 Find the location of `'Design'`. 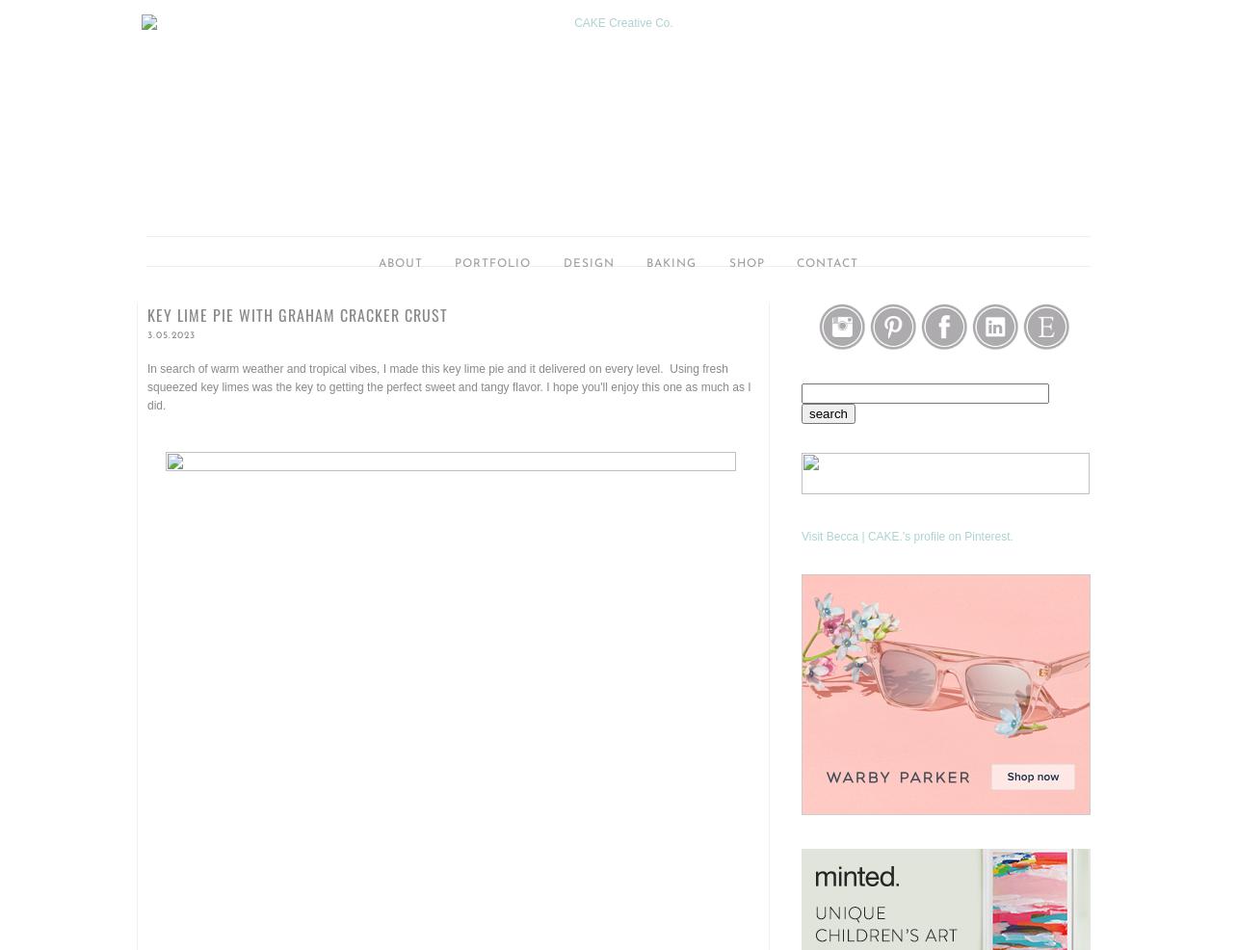

'Design' is located at coordinates (587, 264).